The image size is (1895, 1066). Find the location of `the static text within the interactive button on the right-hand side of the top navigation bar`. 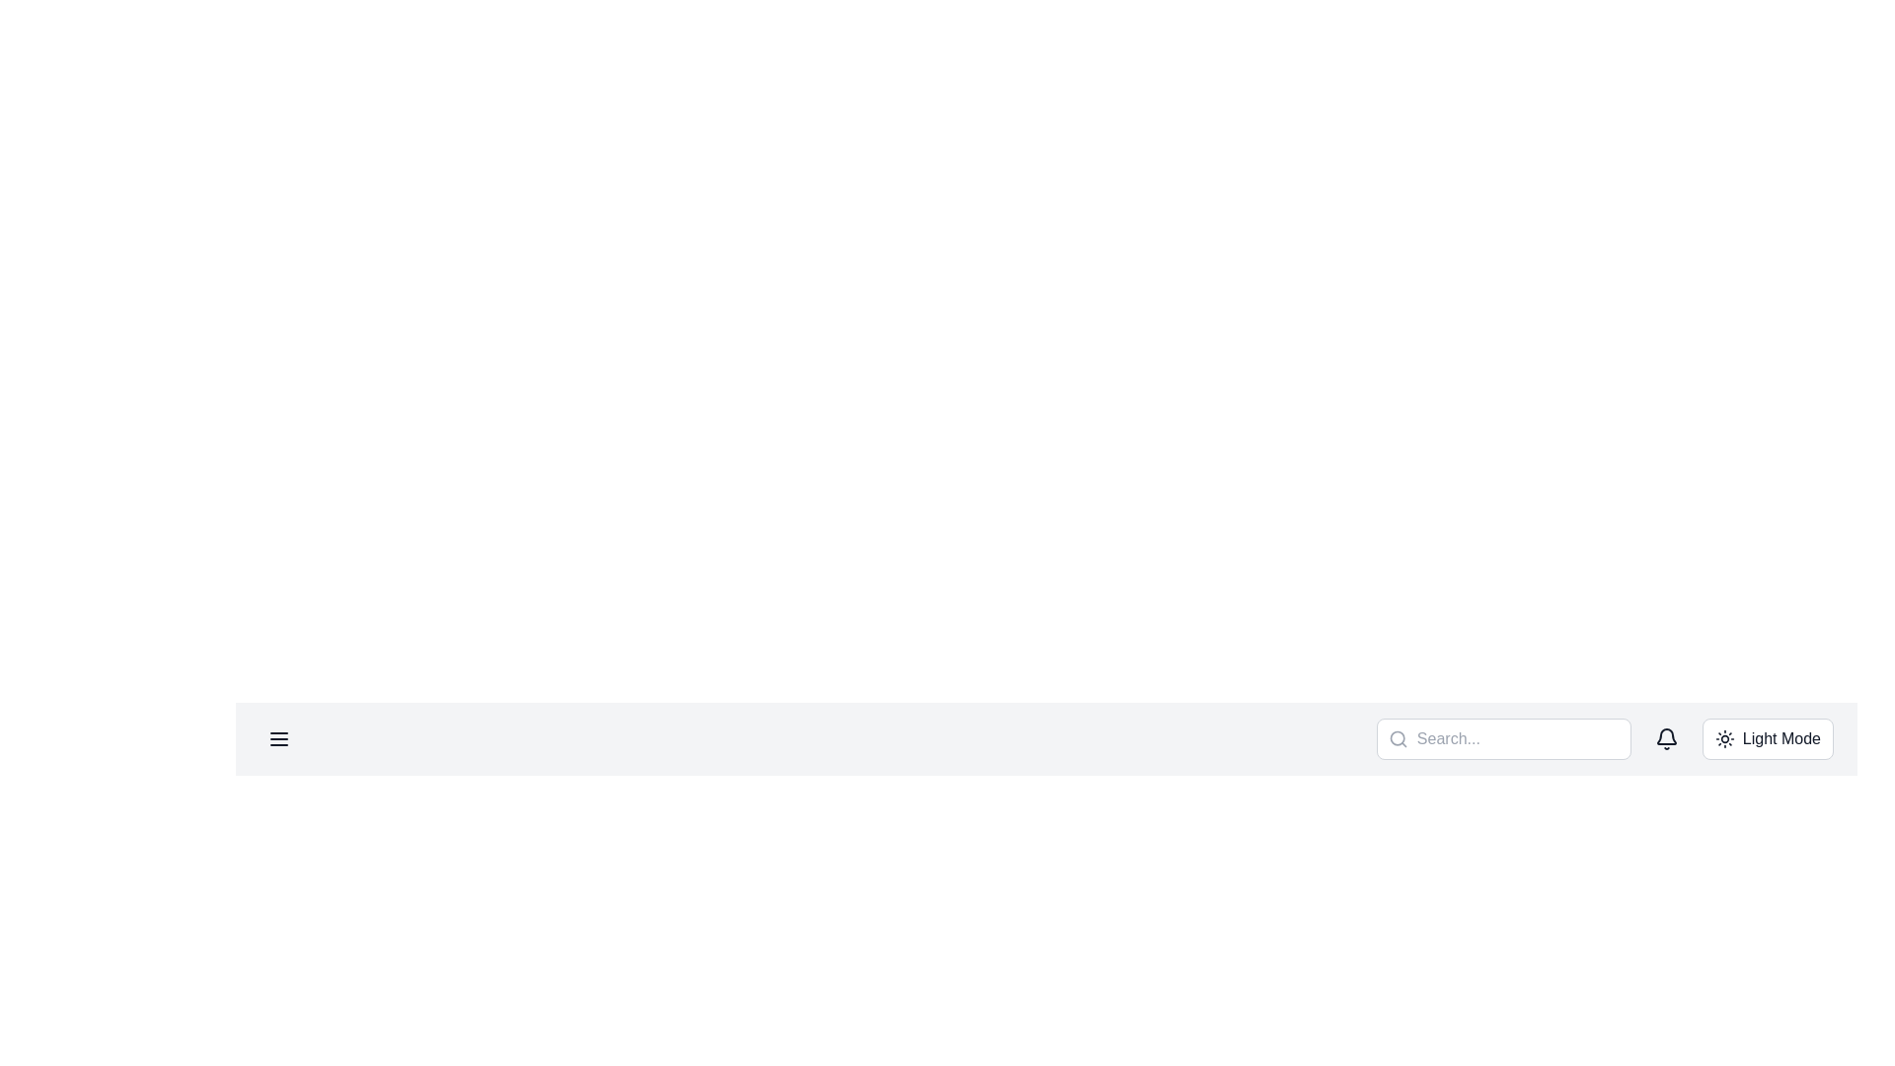

the static text within the interactive button on the right-hand side of the top navigation bar is located at coordinates (1781, 738).